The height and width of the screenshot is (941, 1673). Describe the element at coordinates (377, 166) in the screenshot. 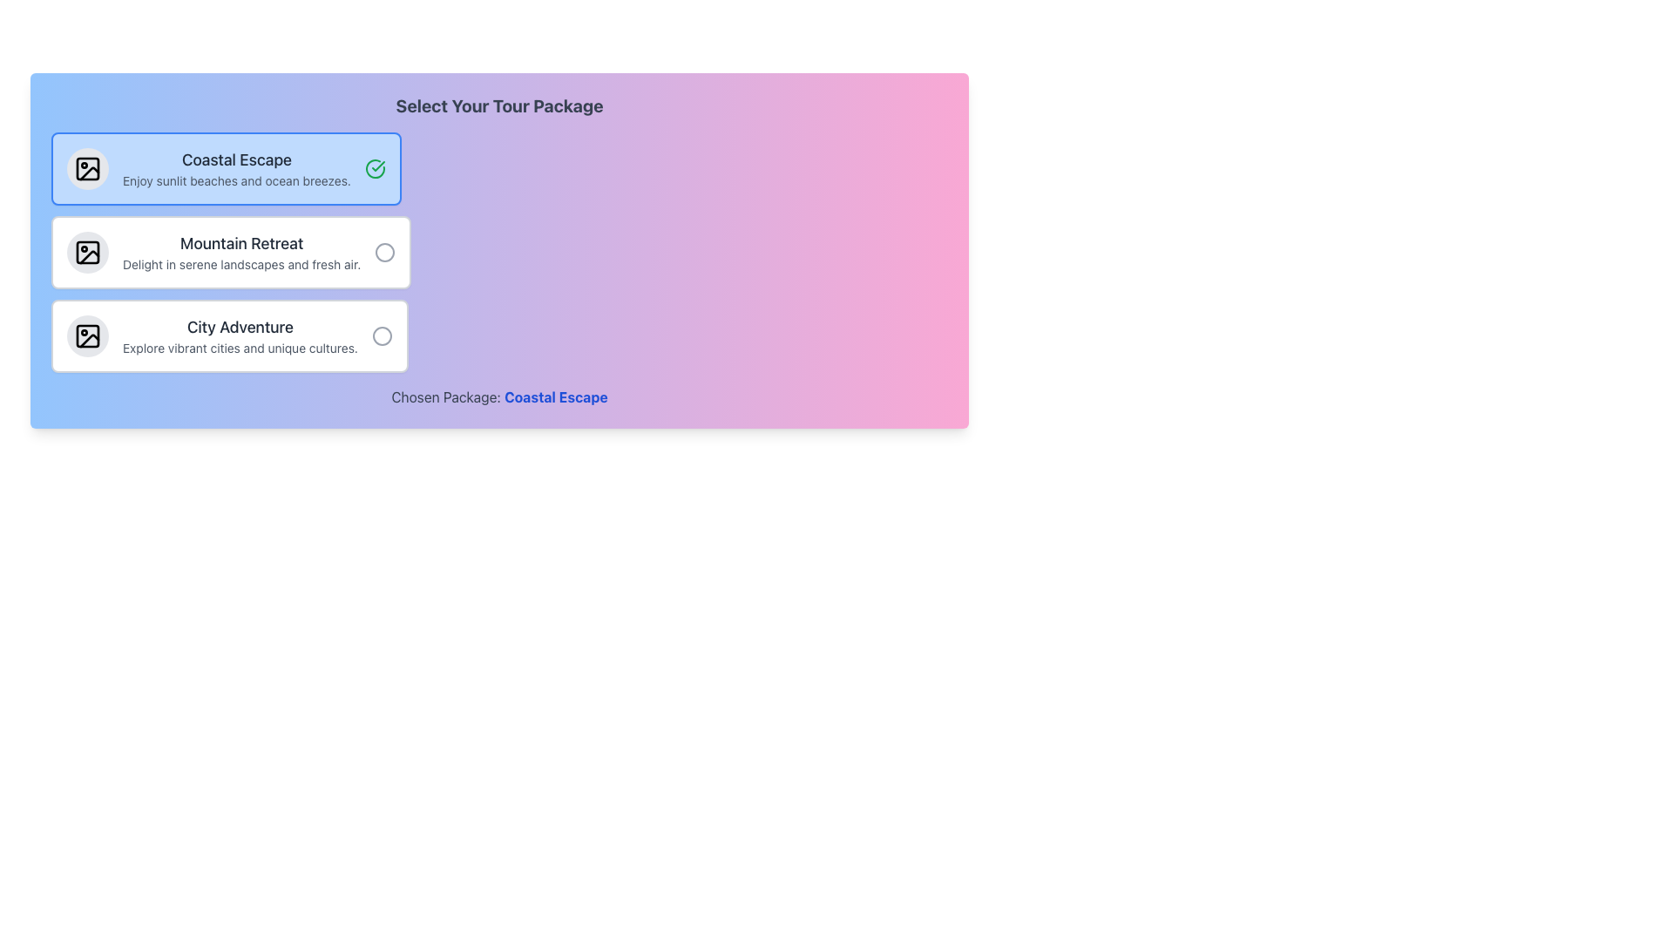

I see `checkmark icon, which is a green stroke SVG element located near the top-right corner of the Coastal Escape tour package option` at that location.